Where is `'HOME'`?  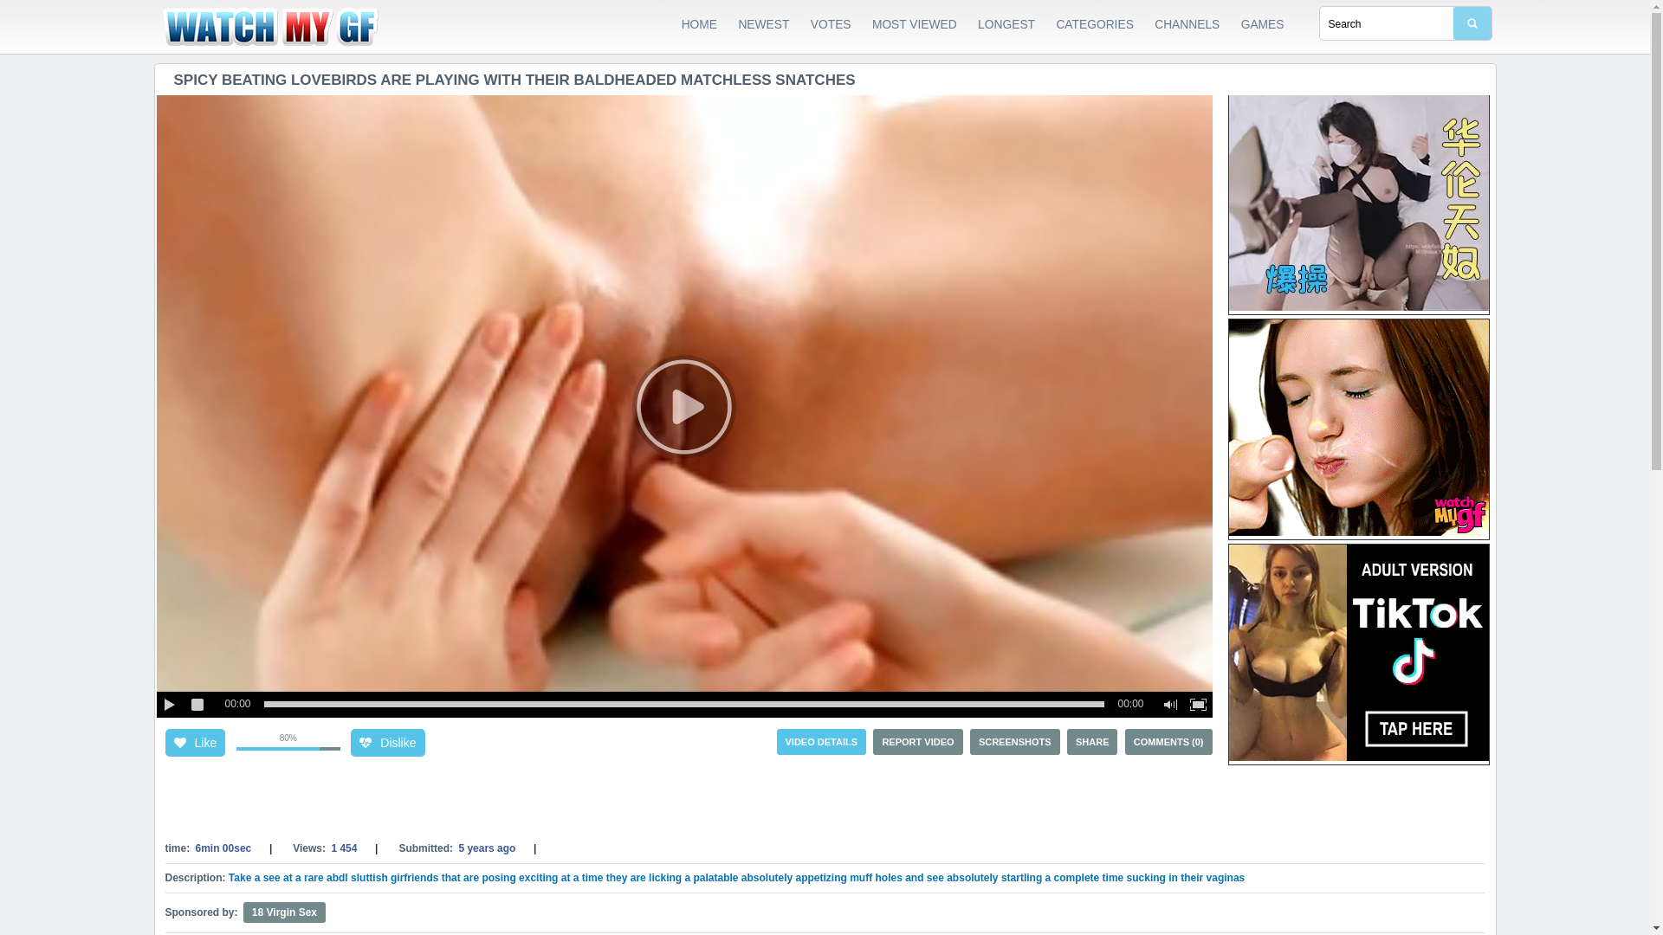
'HOME' is located at coordinates (699, 25).